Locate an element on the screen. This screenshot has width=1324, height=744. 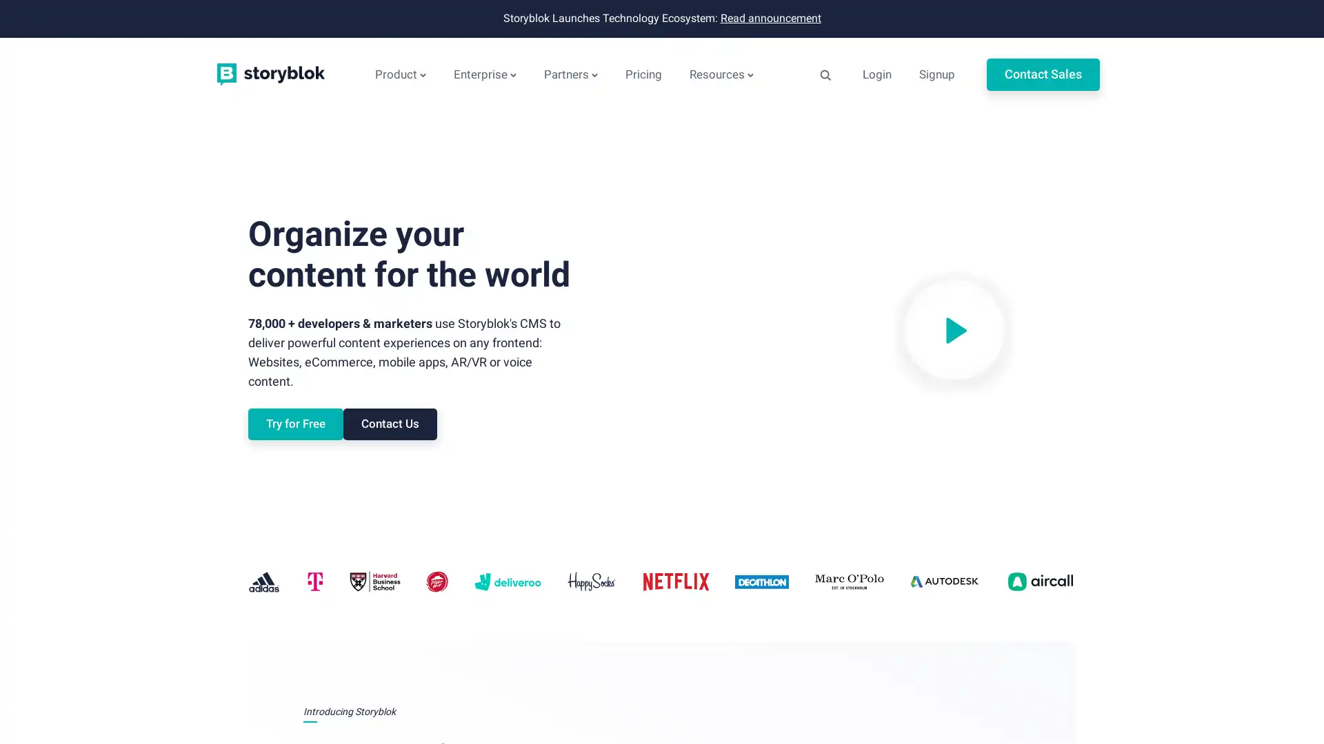
Resources is located at coordinates (721, 74).